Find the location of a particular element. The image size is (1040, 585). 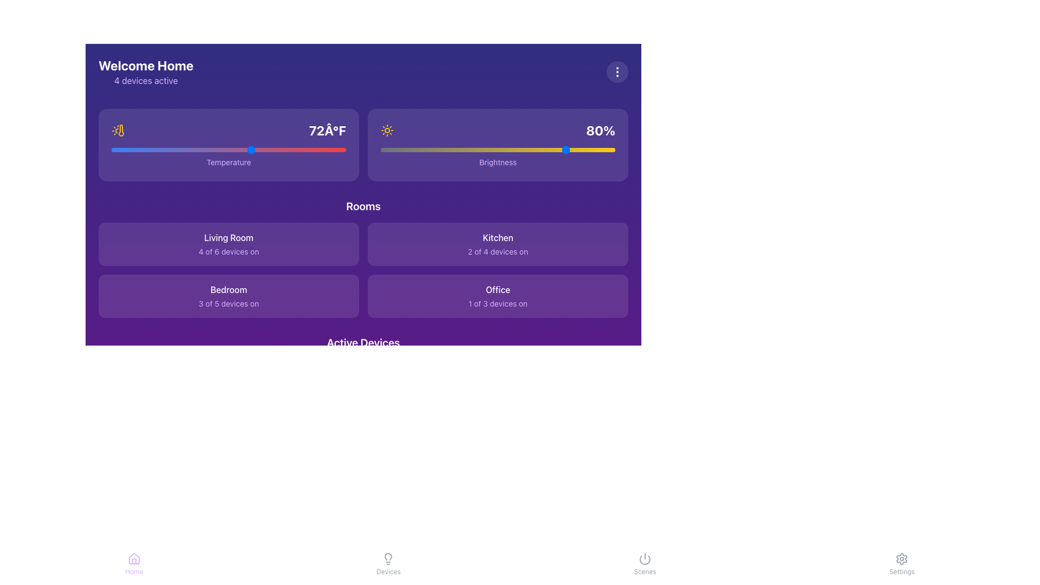

text label displaying 'Rooms' which is bold and centered, located below the temperature and brightness information section is located at coordinates (363, 206).